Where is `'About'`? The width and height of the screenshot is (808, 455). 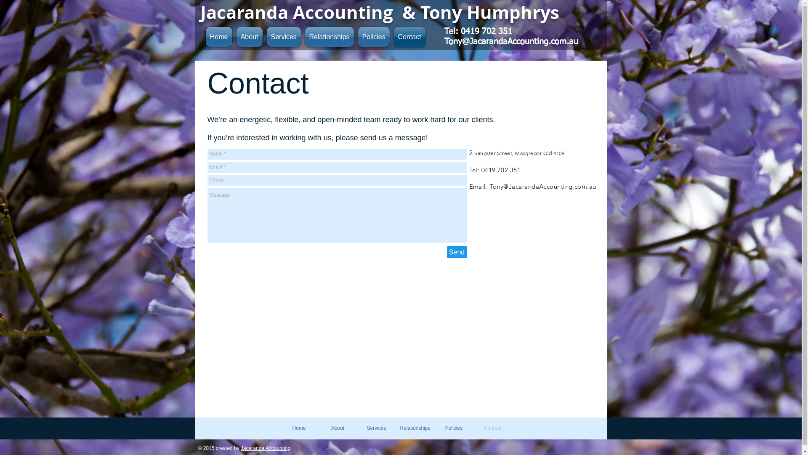 'About' is located at coordinates (234, 36).